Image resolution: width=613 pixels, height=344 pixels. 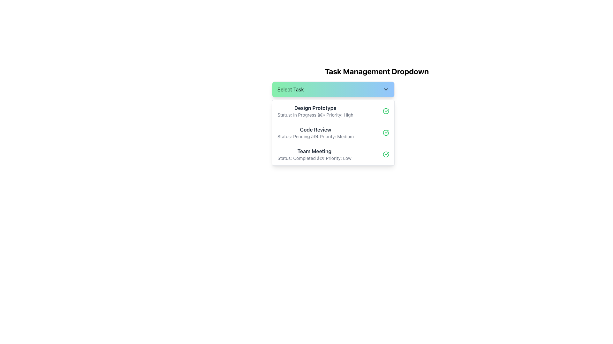 What do you see at coordinates (377, 82) in the screenshot?
I see `the 'Select Task' dropdown trigger with a gradient background` at bounding box center [377, 82].